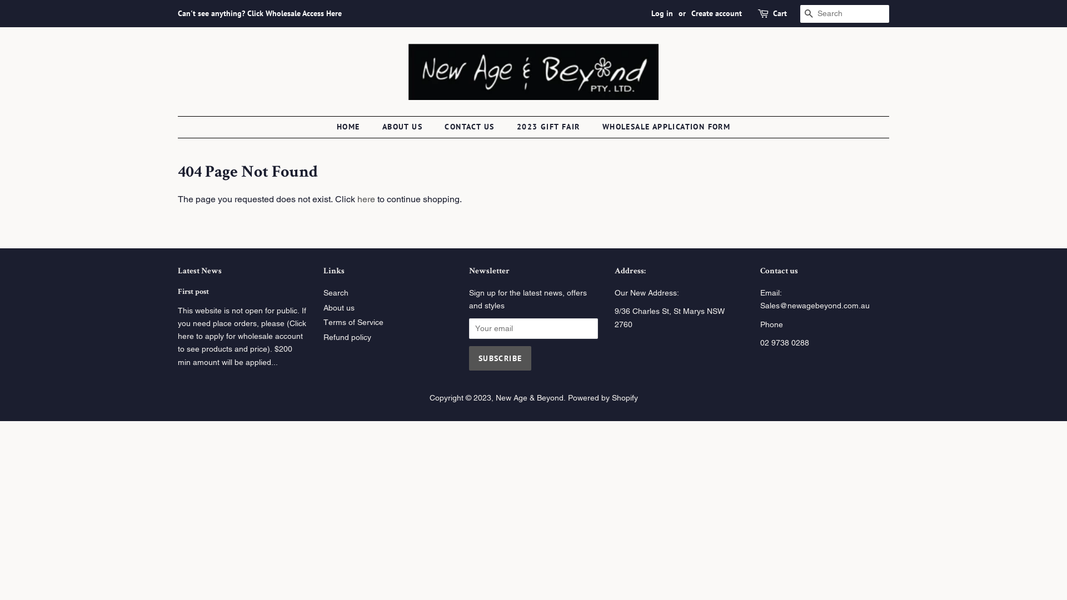  What do you see at coordinates (602, 397) in the screenshot?
I see `'Powered by Shopify'` at bounding box center [602, 397].